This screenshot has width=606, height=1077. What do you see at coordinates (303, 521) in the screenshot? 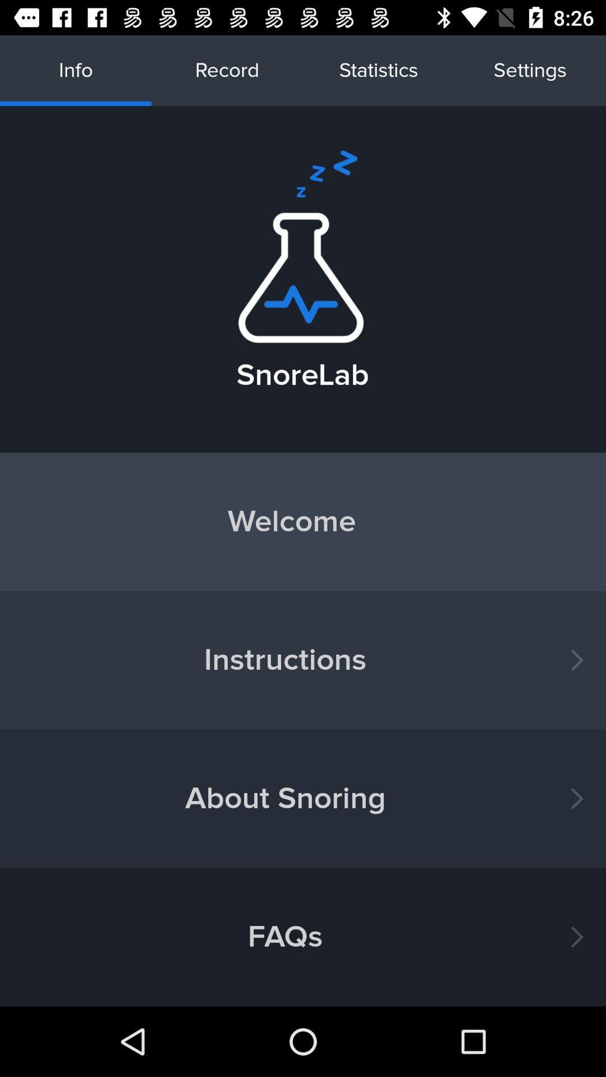
I see `welcome icon` at bounding box center [303, 521].